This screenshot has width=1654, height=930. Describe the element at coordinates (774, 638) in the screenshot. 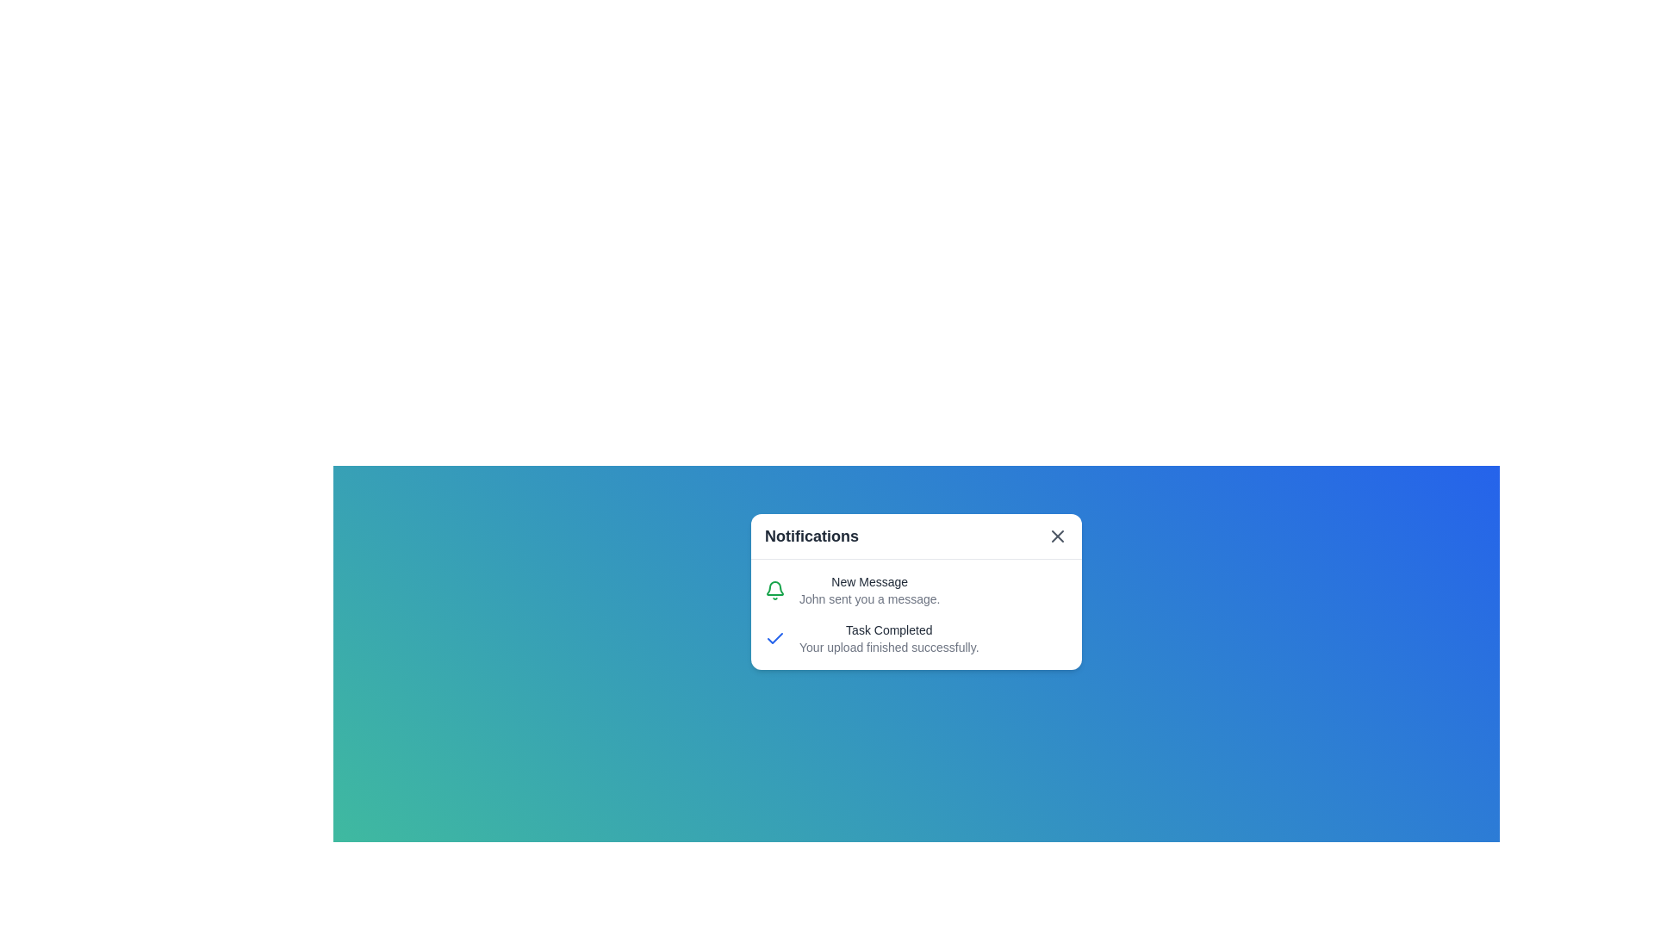

I see `the informational icon representing task completion located in the notification card under the text 'Task Completed' and to the left of 'Your upload finished successfully.'` at that location.